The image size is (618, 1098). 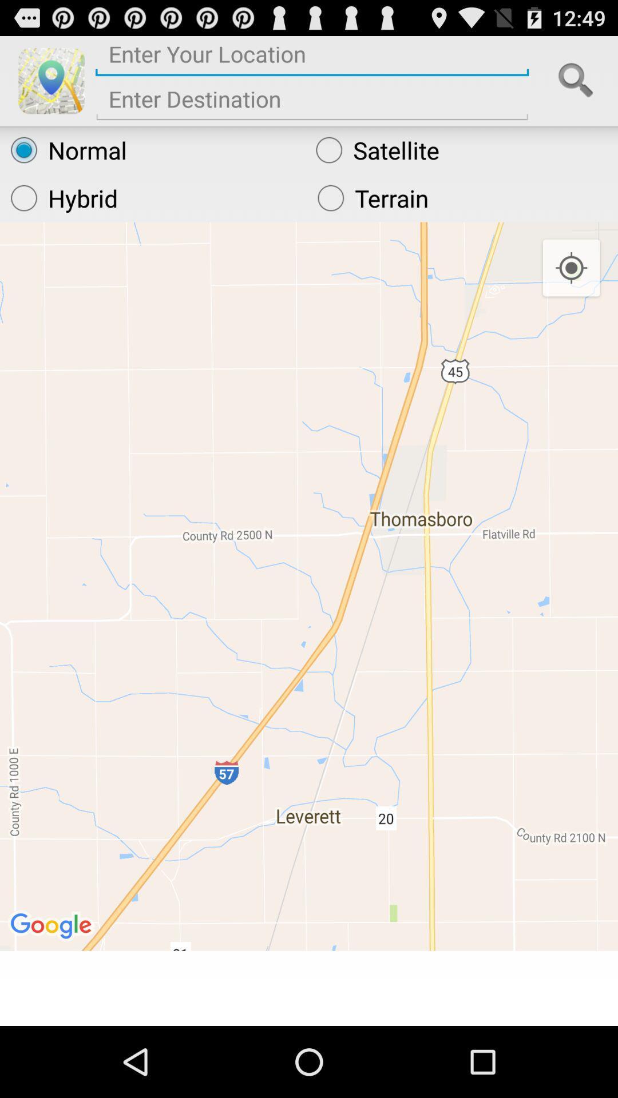 What do you see at coordinates (152, 149) in the screenshot?
I see `the normal radio button` at bounding box center [152, 149].